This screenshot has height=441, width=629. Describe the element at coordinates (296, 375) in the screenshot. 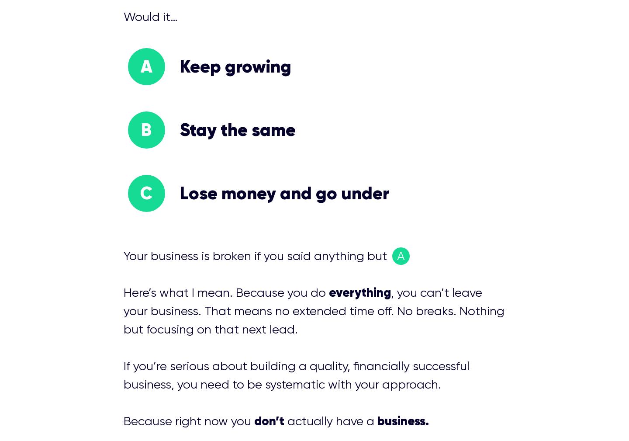

I see `'If you’re serious about building a quality, financially successful business, you need to be systematic with your approach.'` at that location.